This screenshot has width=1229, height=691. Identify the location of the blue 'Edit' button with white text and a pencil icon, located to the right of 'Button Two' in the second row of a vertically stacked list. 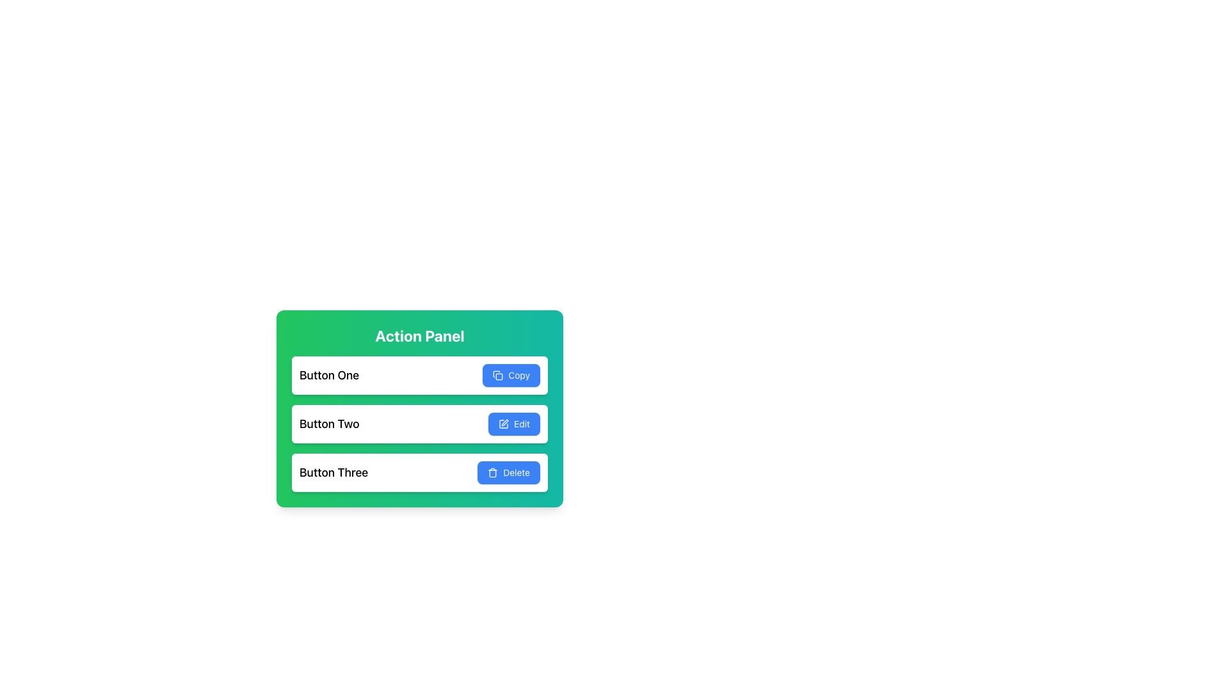
(513, 424).